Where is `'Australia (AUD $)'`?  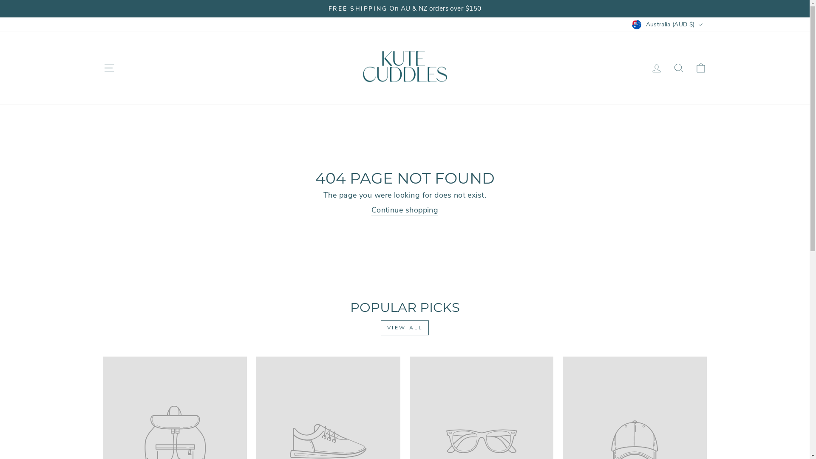
'Australia (AUD $)' is located at coordinates (667, 24).